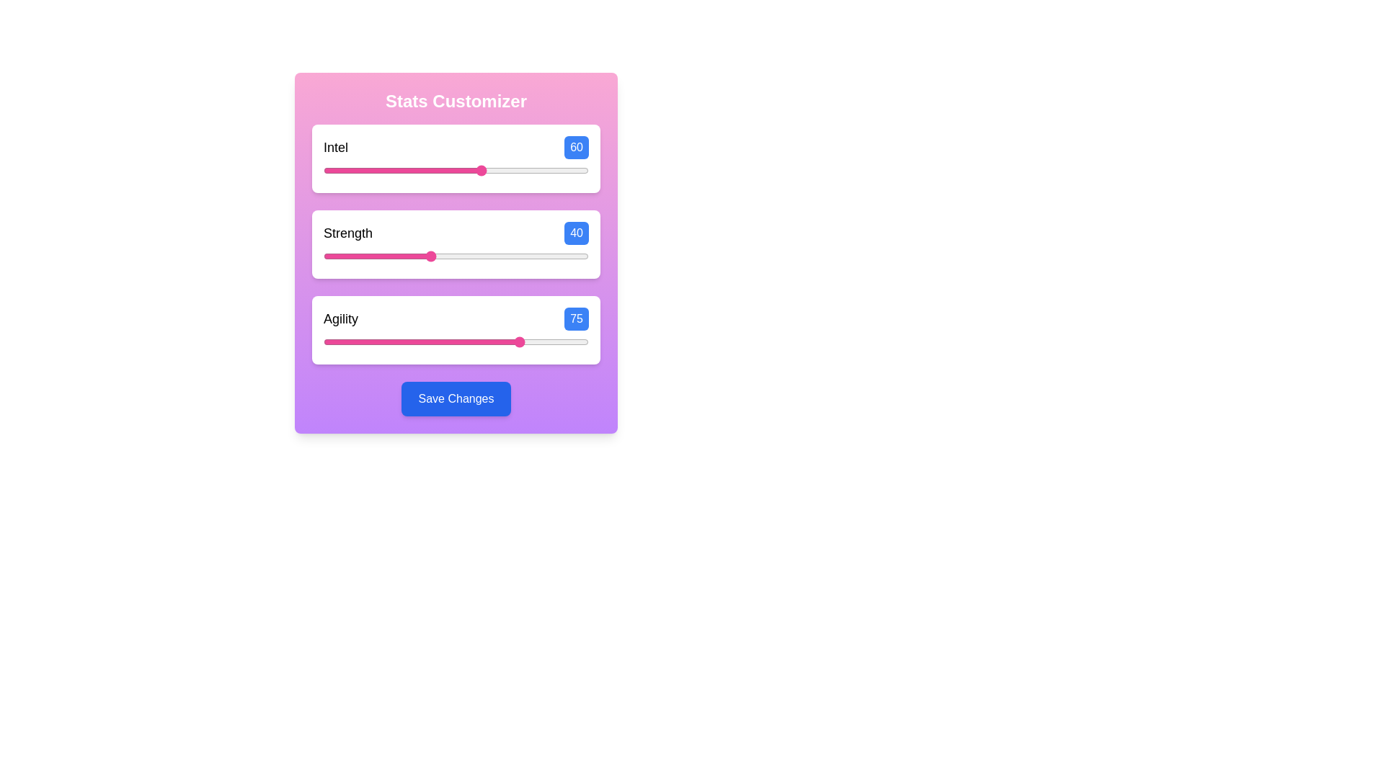  What do you see at coordinates (334, 147) in the screenshot?
I see `the text label reading 'Intel', which is styled in medium weight and capitalization, located in the top section of the interface within a vertically stacked layout` at bounding box center [334, 147].